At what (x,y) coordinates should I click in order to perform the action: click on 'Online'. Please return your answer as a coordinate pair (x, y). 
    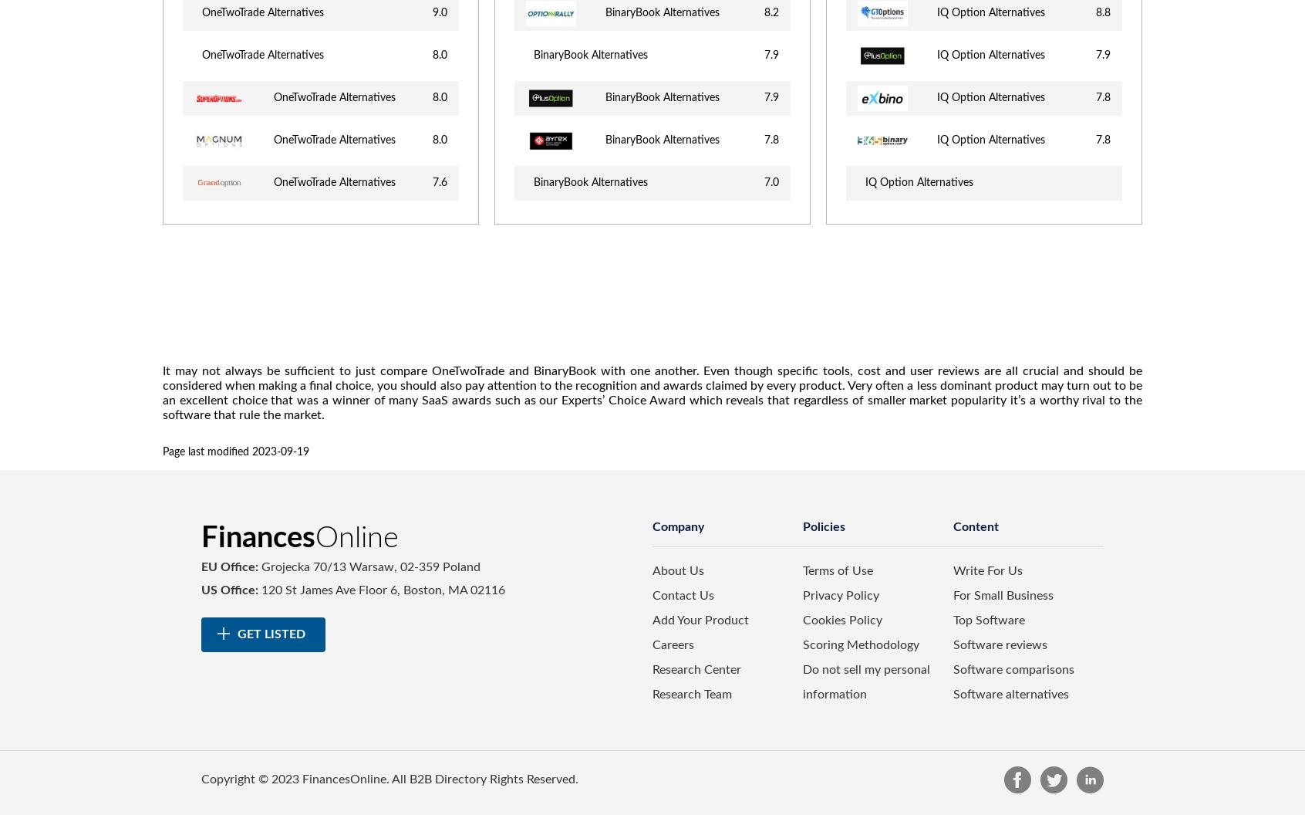
    Looking at the image, I should click on (356, 537).